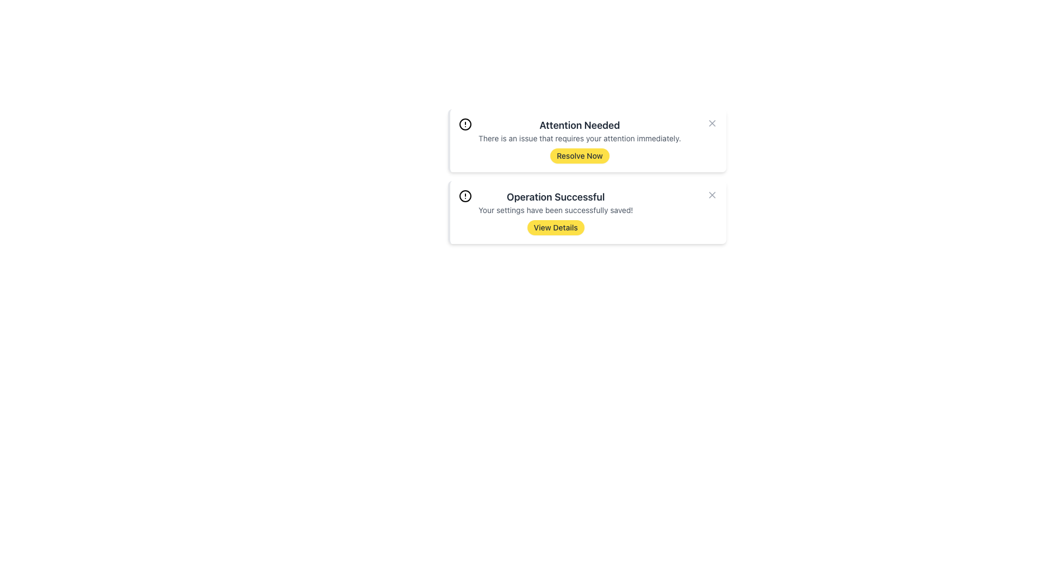  Describe the element at coordinates (712, 123) in the screenshot. I see `the 'X' icon in the top-right corner of the 'Attention Needed' notification` at that location.